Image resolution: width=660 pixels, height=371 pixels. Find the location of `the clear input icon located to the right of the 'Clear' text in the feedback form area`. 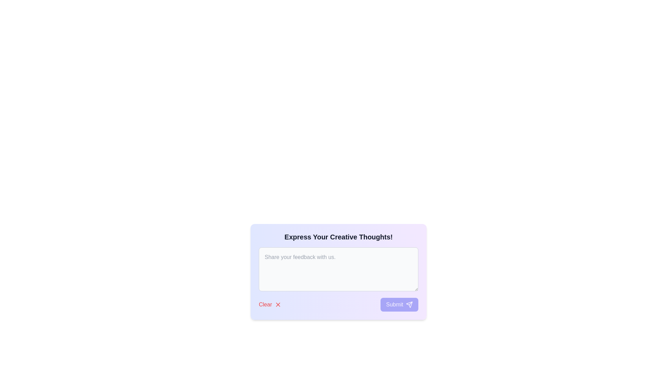

the clear input icon located to the right of the 'Clear' text in the feedback form area is located at coordinates (278, 304).